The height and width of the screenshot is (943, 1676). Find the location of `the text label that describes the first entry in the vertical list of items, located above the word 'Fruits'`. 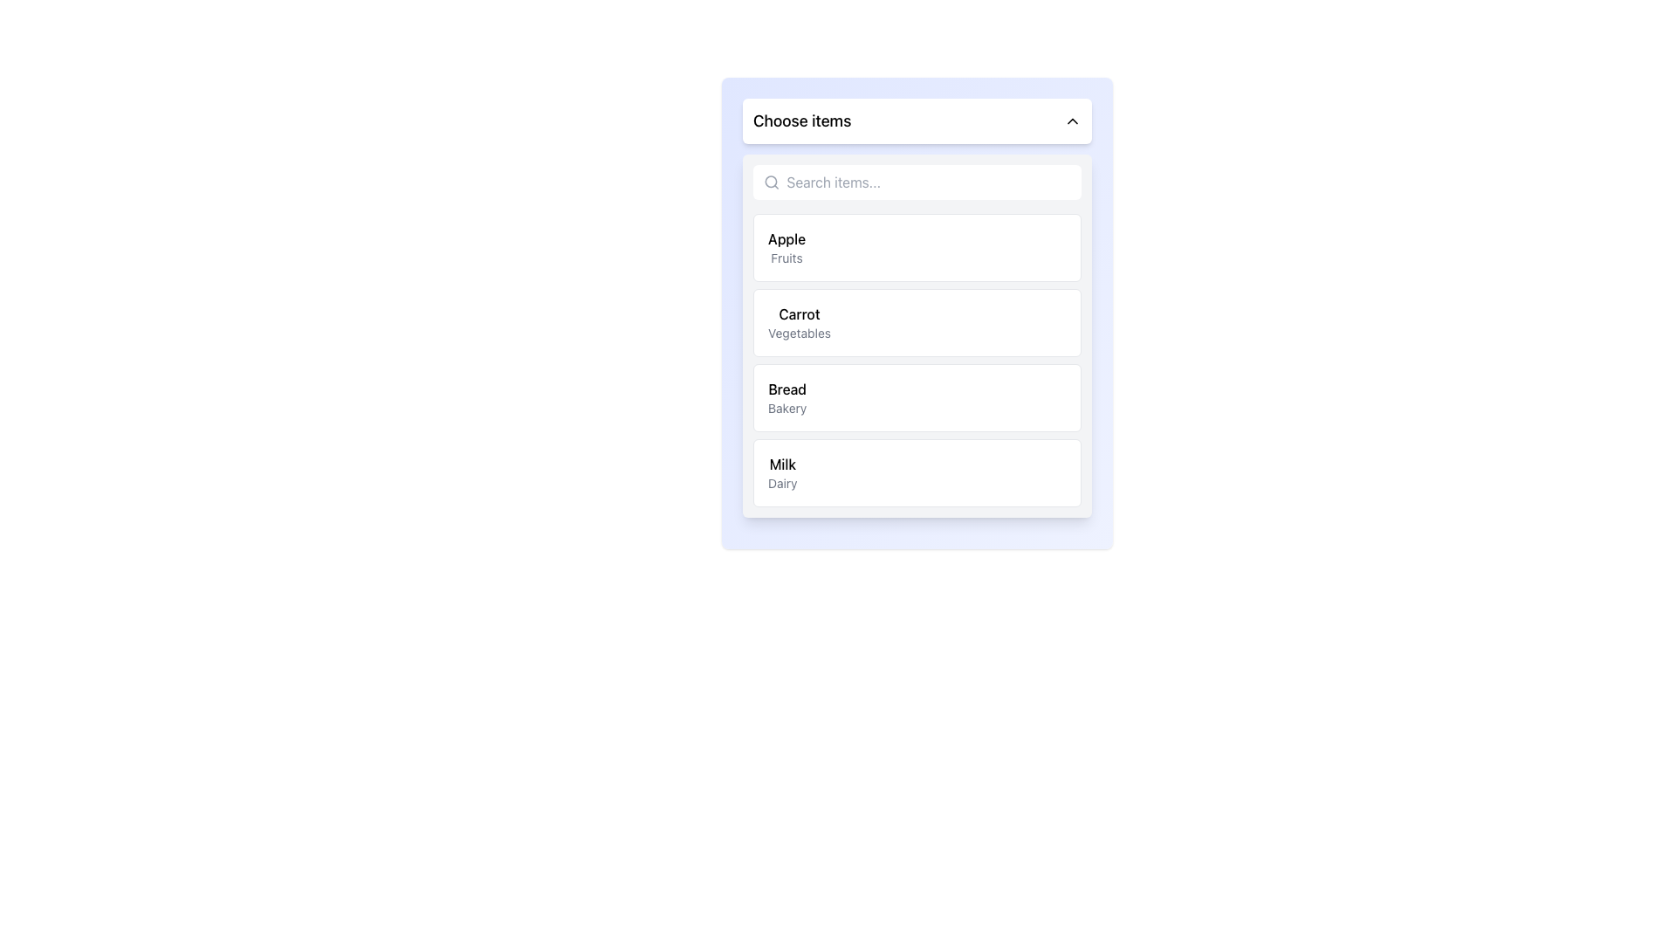

the text label that describes the first entry in the vertical list of items, located above the word 'Fruits' is located at coordinates (786, 238).